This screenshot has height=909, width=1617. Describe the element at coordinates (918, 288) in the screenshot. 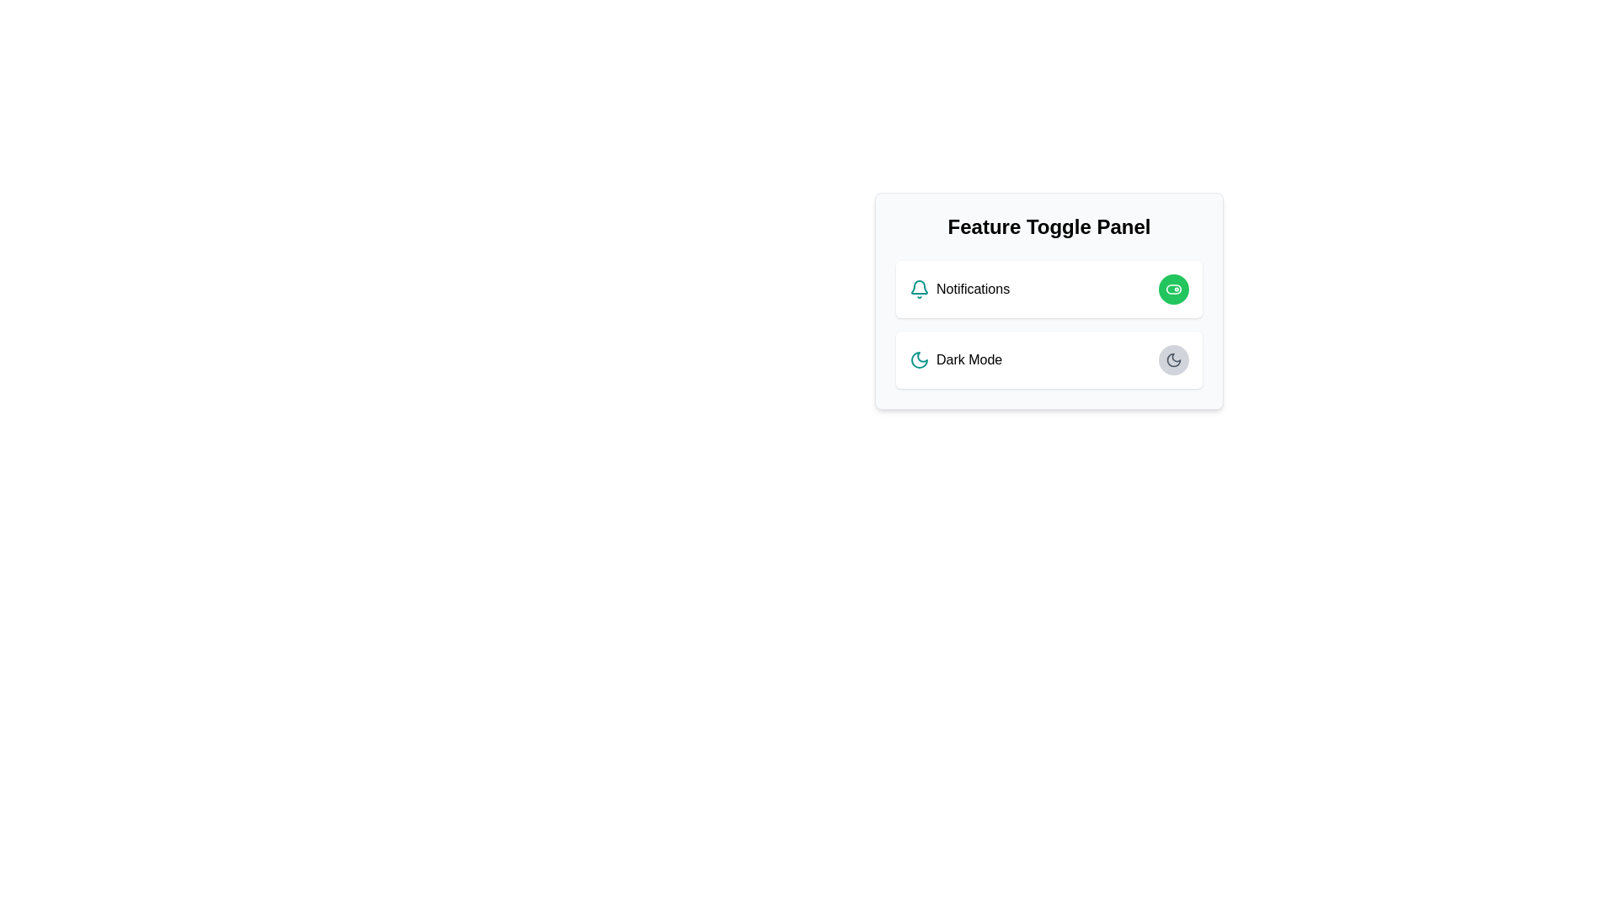

I see `the notification indicator icon located in the 'Notifications' group of the 'Feature Toggle Panel'` at that location.